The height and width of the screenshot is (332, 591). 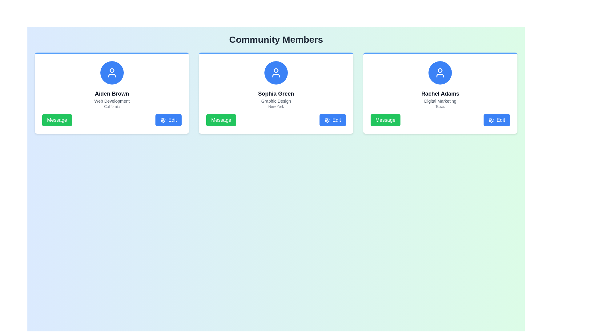 What do you see at coordinates (440, 93) in the screenshot?
I see `the text label displaying 'Rachel Adams' which is prominently styled as a main title within the card for 'Rachel Adams' located under 'Community Members'` at bounding box center [440, 93].